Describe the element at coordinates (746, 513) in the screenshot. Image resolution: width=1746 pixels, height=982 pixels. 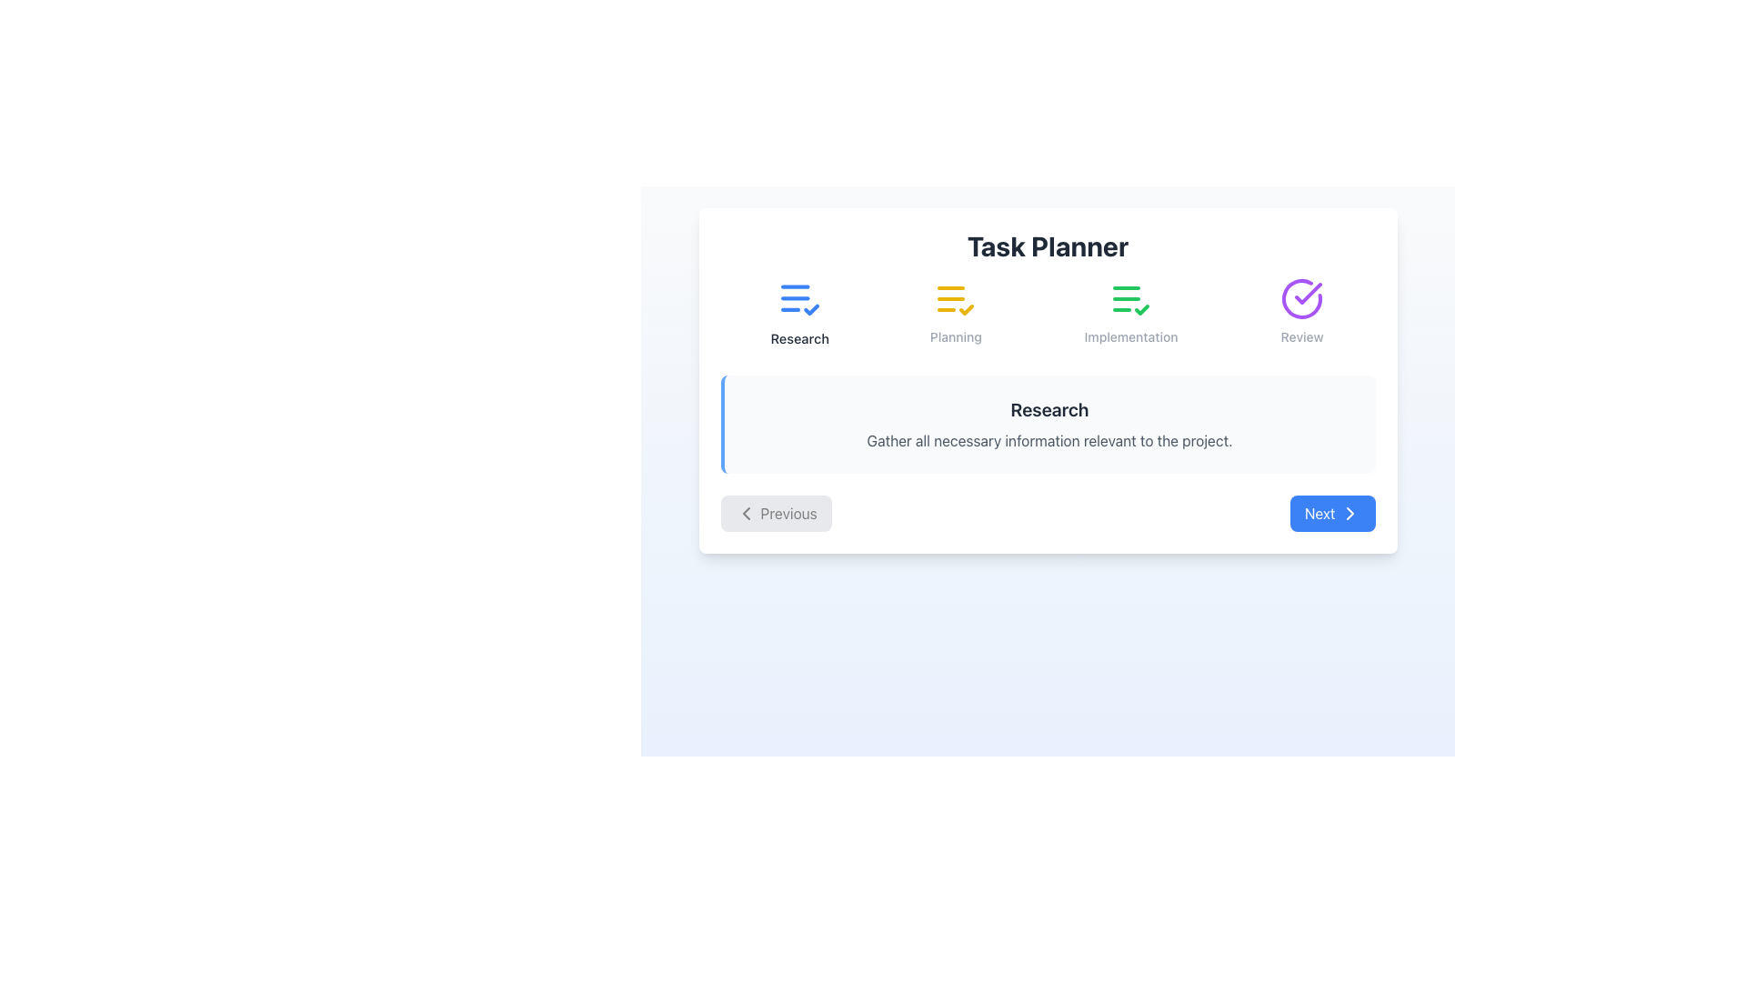
I see `the leftward-pointing chevron arrow icon within the 'Previous' button for navigation indication` at that location.